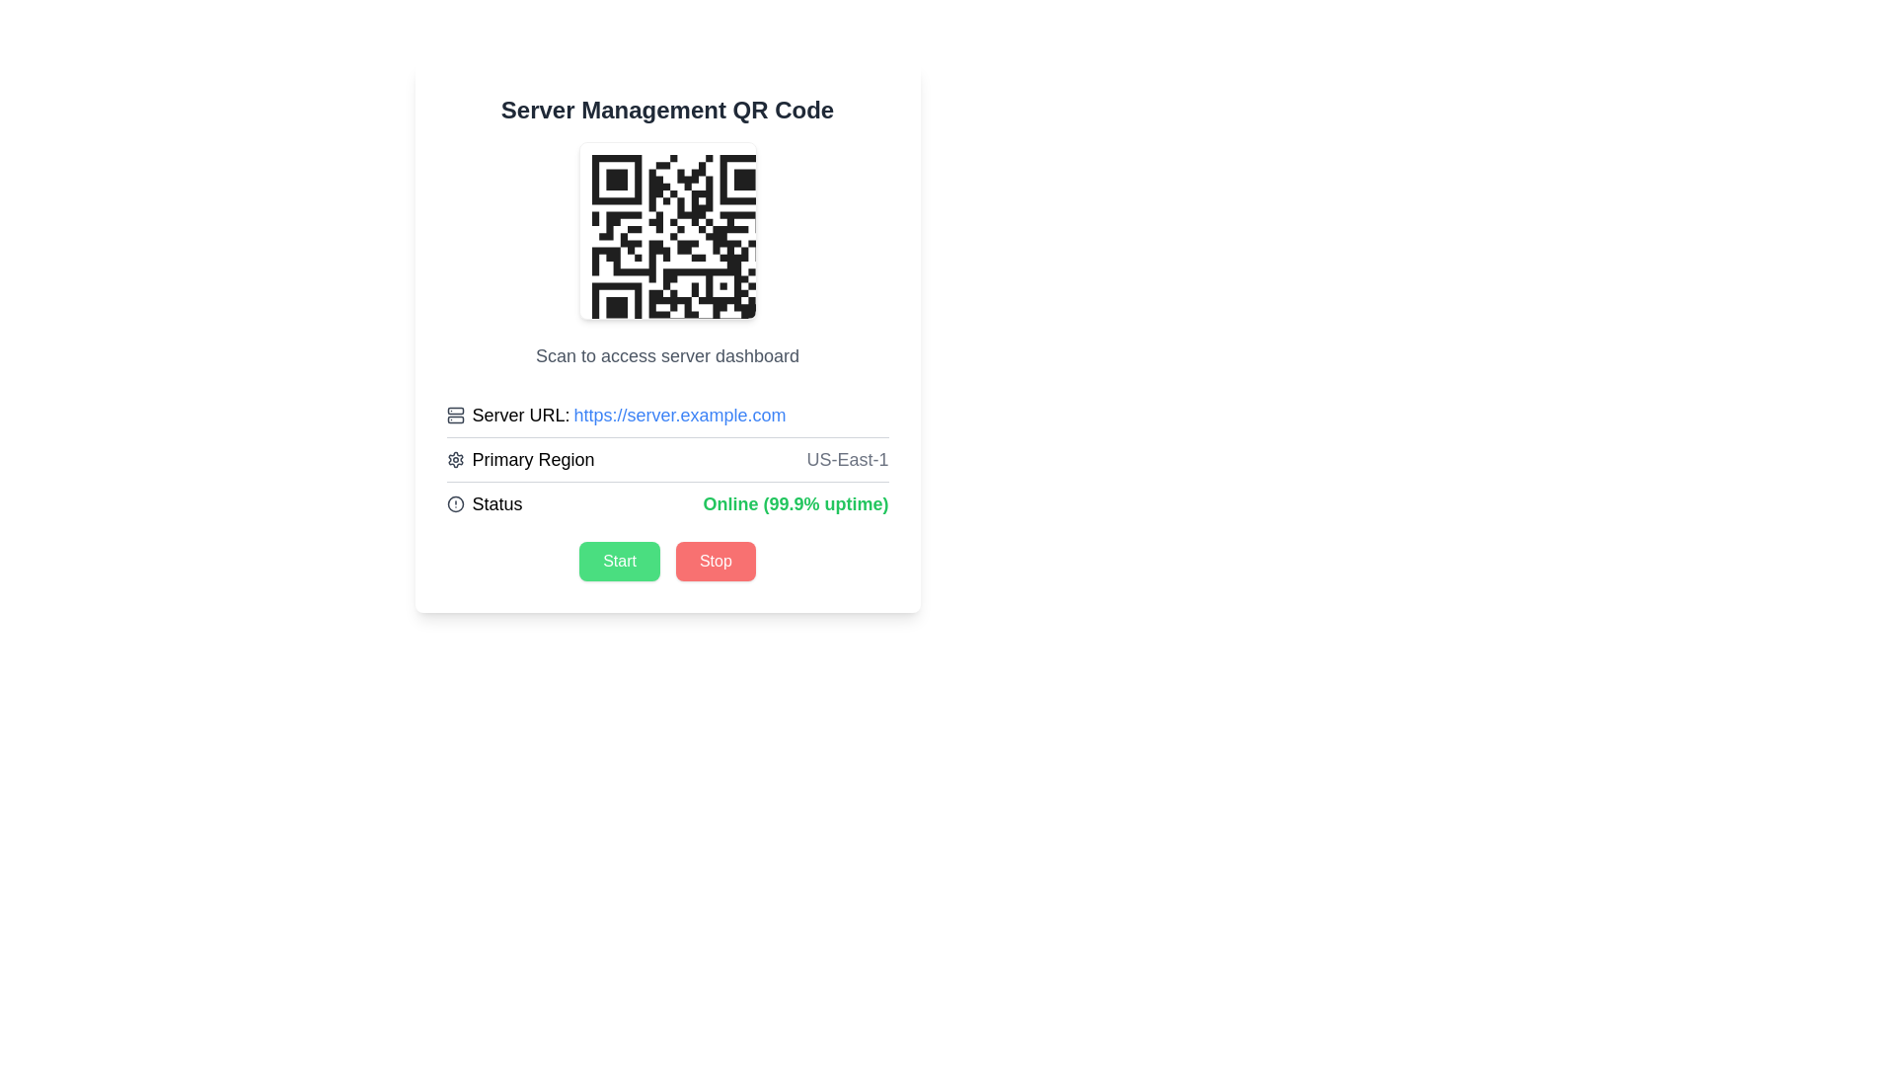 The height and width of the screenshot is (1066, 1895). I want to click on the text label reading 'Online (99.9% uptime)' styled in green and bold, so click(796, 502).